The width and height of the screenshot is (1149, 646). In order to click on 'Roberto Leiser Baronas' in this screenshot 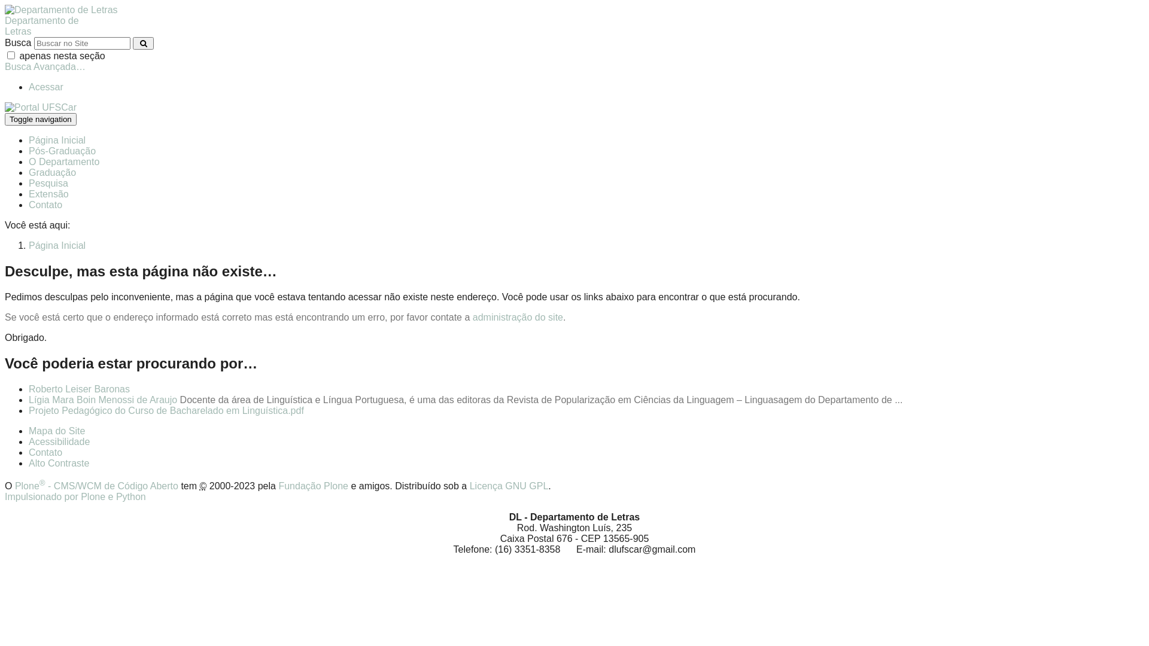, I will do `click(78, 389)`.